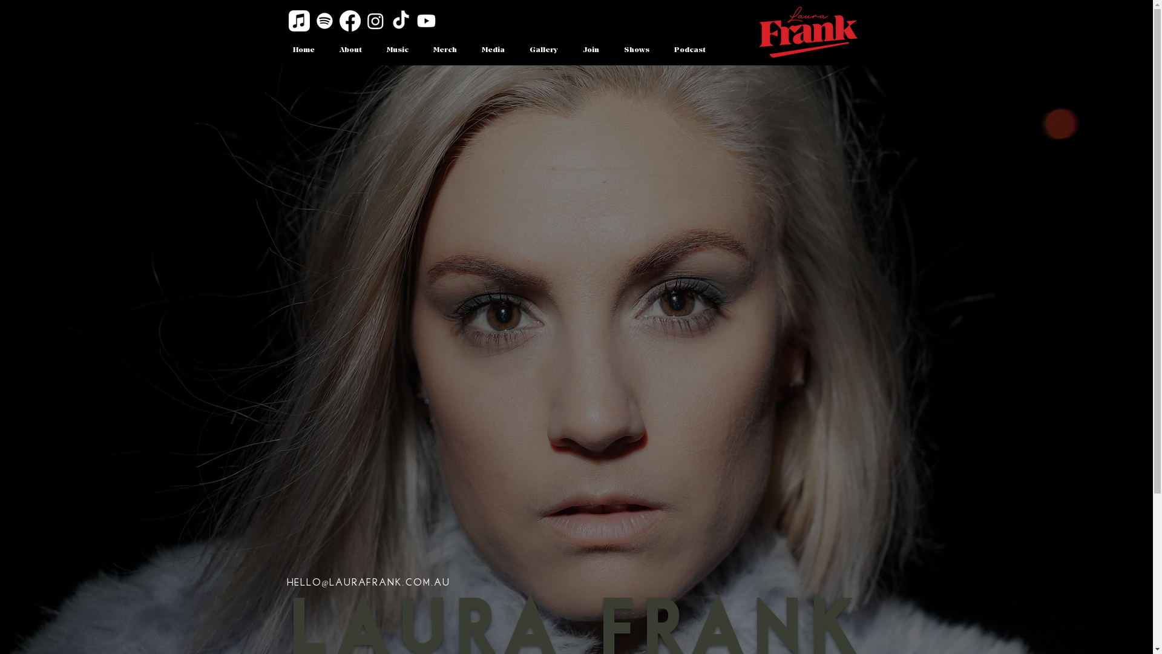 The image size is (1162, 654). What do you see at coordinates (350, 50) in the screenshot?
I see `'About'` at bounding box center [350, 50].